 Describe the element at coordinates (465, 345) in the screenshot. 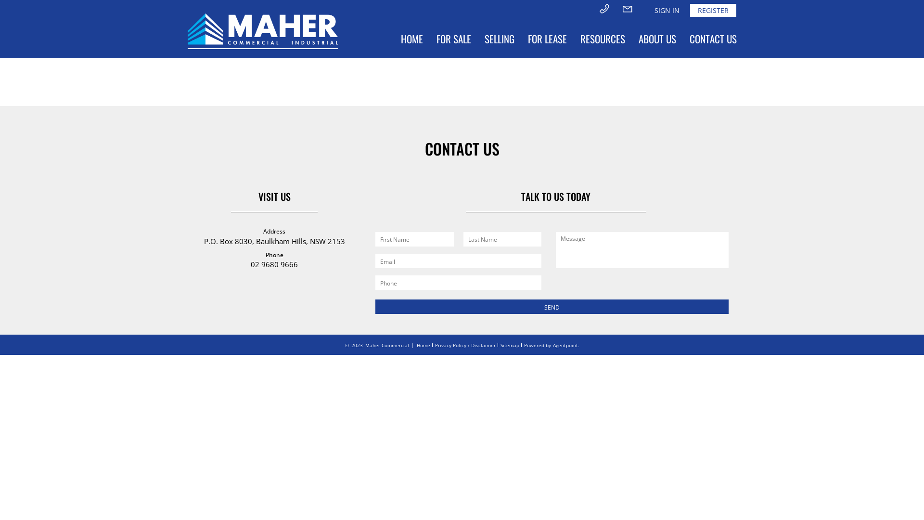

I see `'Privacy Policy / Disclaimer'` at that location.